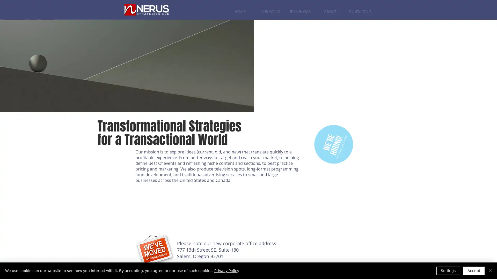 The width and height of the screenshot is (497, 279). I want to click on Close, so click(491, 270).